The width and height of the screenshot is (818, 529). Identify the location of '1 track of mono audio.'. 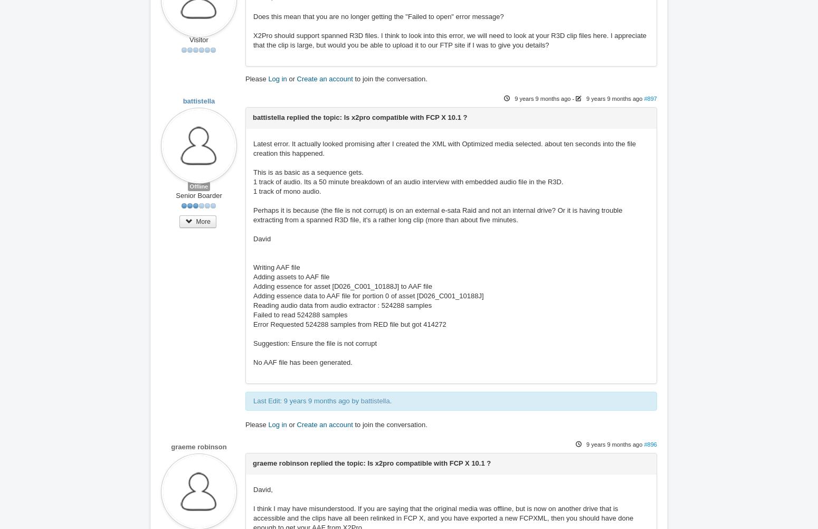
(253, 191).